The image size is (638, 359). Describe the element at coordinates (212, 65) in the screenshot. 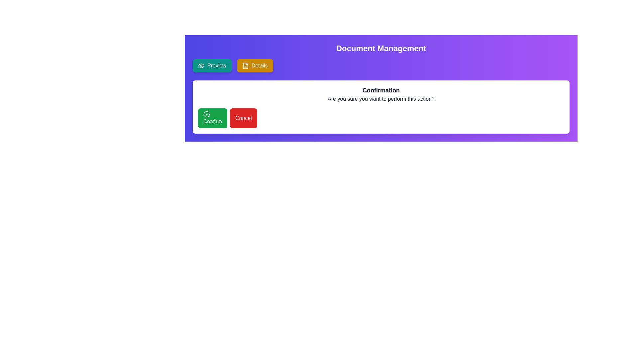

I see `the teal 'Preview' button with an eye icon located at the top-left of the layout to preview content` at that location.